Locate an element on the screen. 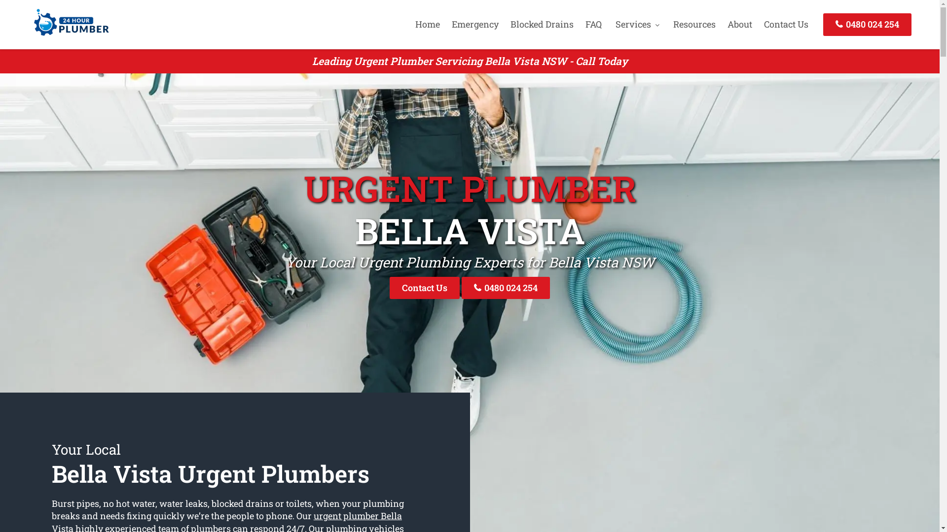 The image size is (947, 532). '0480 024 254' is located at coordinates (823, 24).